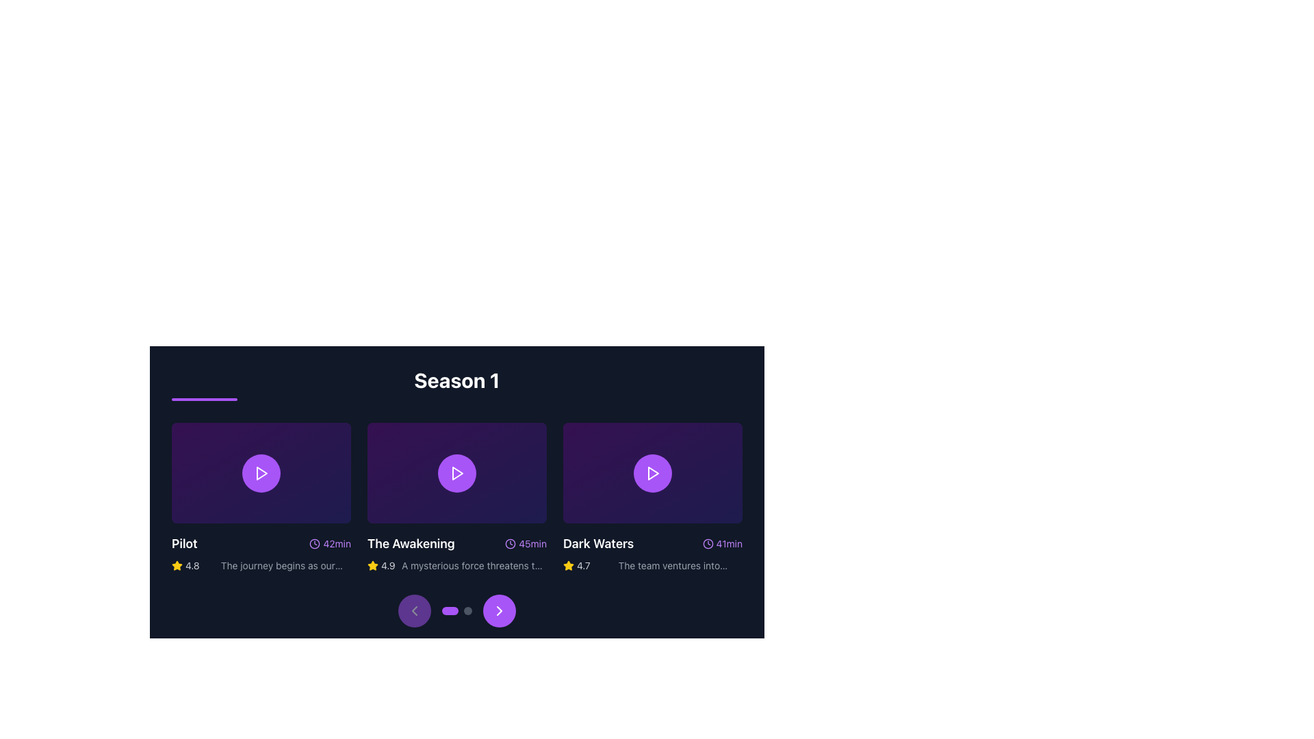  Describe the element at coordinates (261, 497) in the screenshot. I see `the purple circular play button icon located at the center of the media item titled 'Pilot'` at that location.